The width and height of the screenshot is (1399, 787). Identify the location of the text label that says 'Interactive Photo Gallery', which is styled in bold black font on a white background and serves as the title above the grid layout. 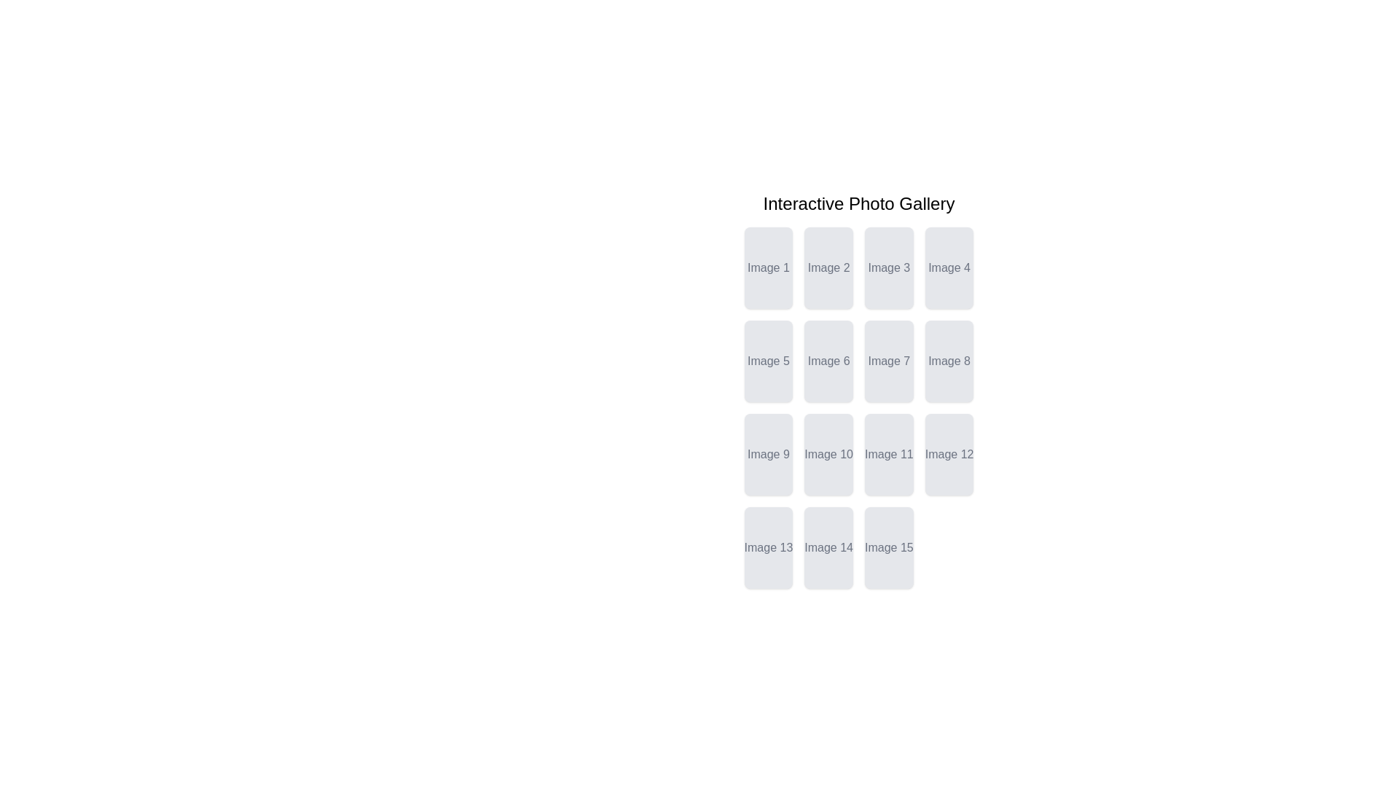
(859, 204).